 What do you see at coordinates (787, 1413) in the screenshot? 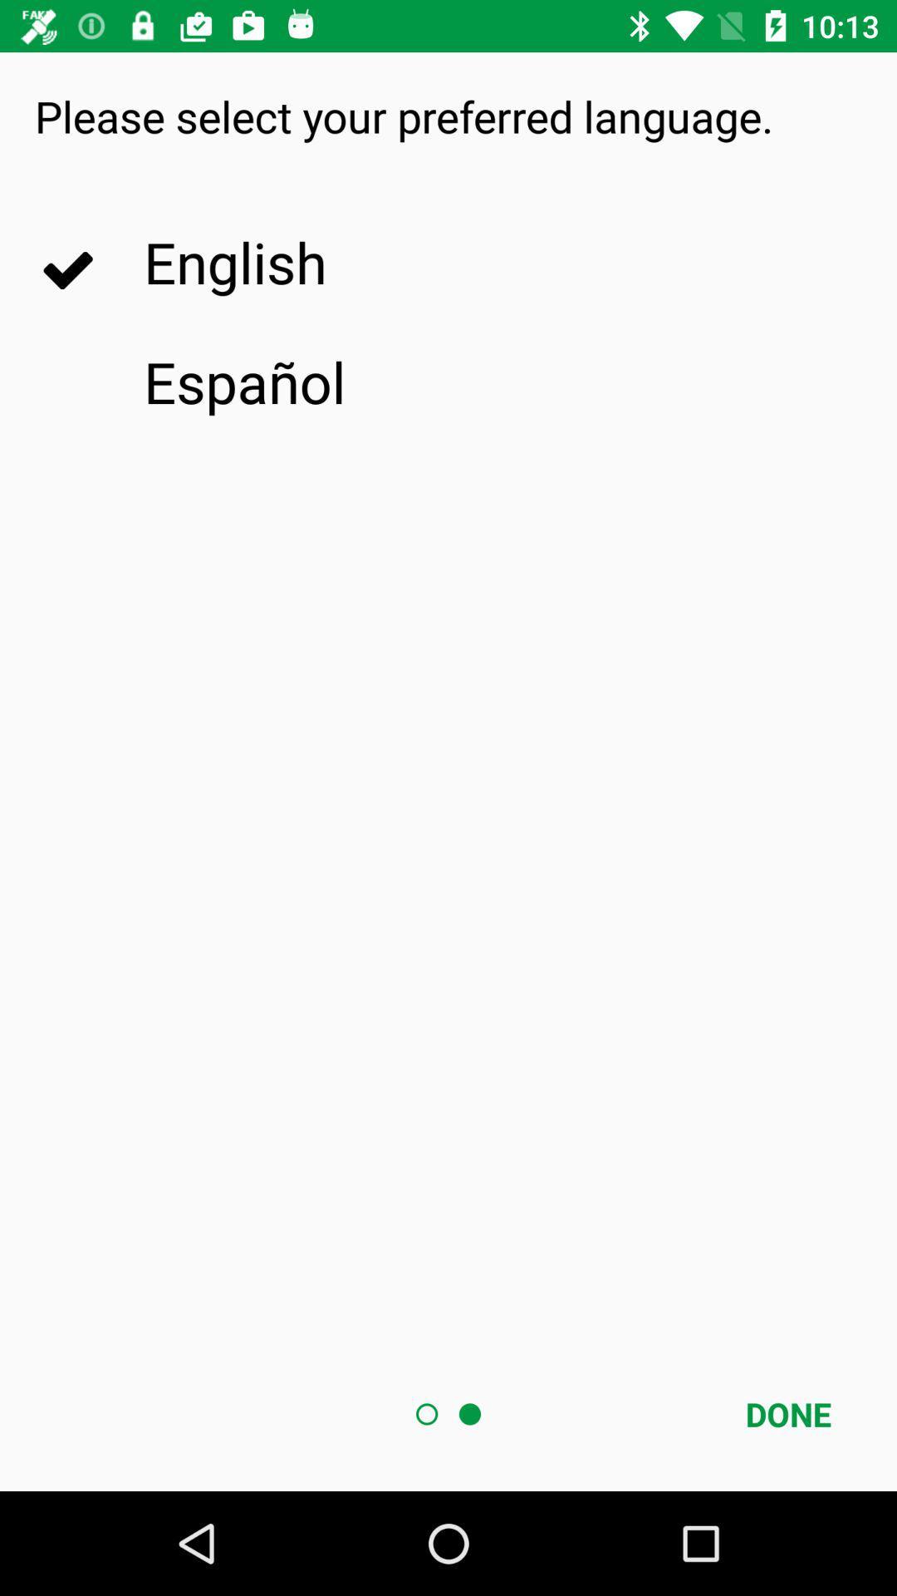
I see `done icon` at bounding box center [787, 1413].